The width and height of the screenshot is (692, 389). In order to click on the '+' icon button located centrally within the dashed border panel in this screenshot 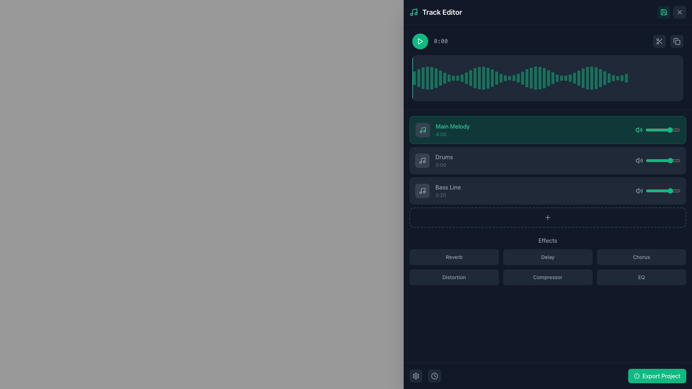, I will do `click(548, 217)`.